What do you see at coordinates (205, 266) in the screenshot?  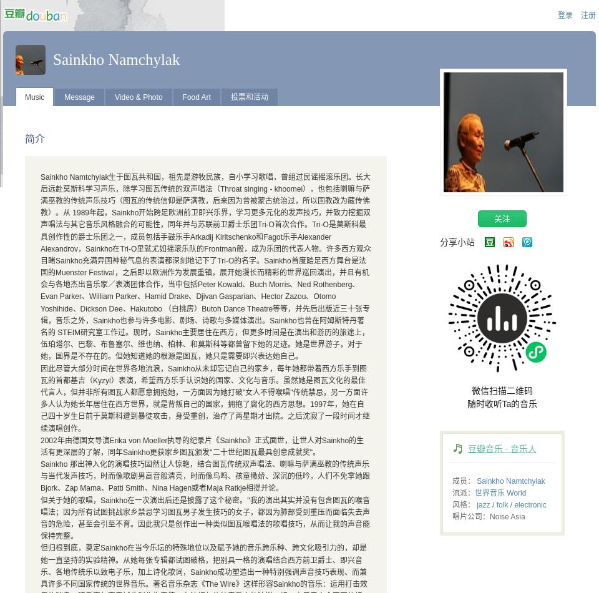 I see `'Sainkho Namtchylak生于图瓦共和国，祖先是游牧民族，自小学习歌唱，曾组过民谣摇滚乐团。长大后远赴莫斯科学习声乐，除学习图瓦传统的双声唱法（Throat singing - khoomei），也包括喇嘛与萨满巫教的传统声乐技巧（图瓦的传统信仰是萨满教，后来因为曾被蒙古统治过，所以国教改为藏传佛教）。从 1989年起，Sainkho开始跨足欧洲前卫即兴乐界，学习更多元化的发声技巧，并致力挖掘双声唱法与其它音乐风格融合的可能性，同年并与苏联前卫爵士乐团Tri-O首次合作。Tri-O是莫斯科最具创作性的爵士乐团之一，成员包括手鼓乐手Arkadij Kiritschenko和Fagot乐手Alexander Alexandrov，Sainkho在Tri-O里就尤如摇滚乐队的Frontman般，成为乐团的代表人物。许多西方观众目睹Sainkho充满异国神秘气息的表演都深刻地记下了Tri-O的名字。Sainkho首度踏足西方舞台是法国的Muenster Festival，之后即以欧洲作为发展重镇，展开她漫长而精彩的世界巡回演出，并且有机会与各地杰出音乐家／表演团体合作，当中包括Peter Kowald、Buch Morris、Ned Rothenberg、Evan Parker、William Parker、Hamid Drake、Djivan Gasparian、Hector Zazou、Otomo Yoshihide、Dickson Dee、Hakutobo （白桃房）Butoh Dance Theatre等等，并先后出版近三十张专辑，音乐之外，Sainkho也参与许多电影、剧场、诗歌与多媒体演出。Sainkho也曾在阿姆斯特丹著名的 STEIM研究室工作过。现时，Sainkho主要居住在西方，但更多时间是在演出和游历的旅途上，伍珀塔尔、巴黎、布鲁塞尔、维也纳、柏林、和莫斯科等都曾留下她的足迹。她是世界游子，对于她，国界是不存在的。但她知道她的根源是图瓦，她只是需要即兴表达她自己。'` at bounding box center [205, 266].